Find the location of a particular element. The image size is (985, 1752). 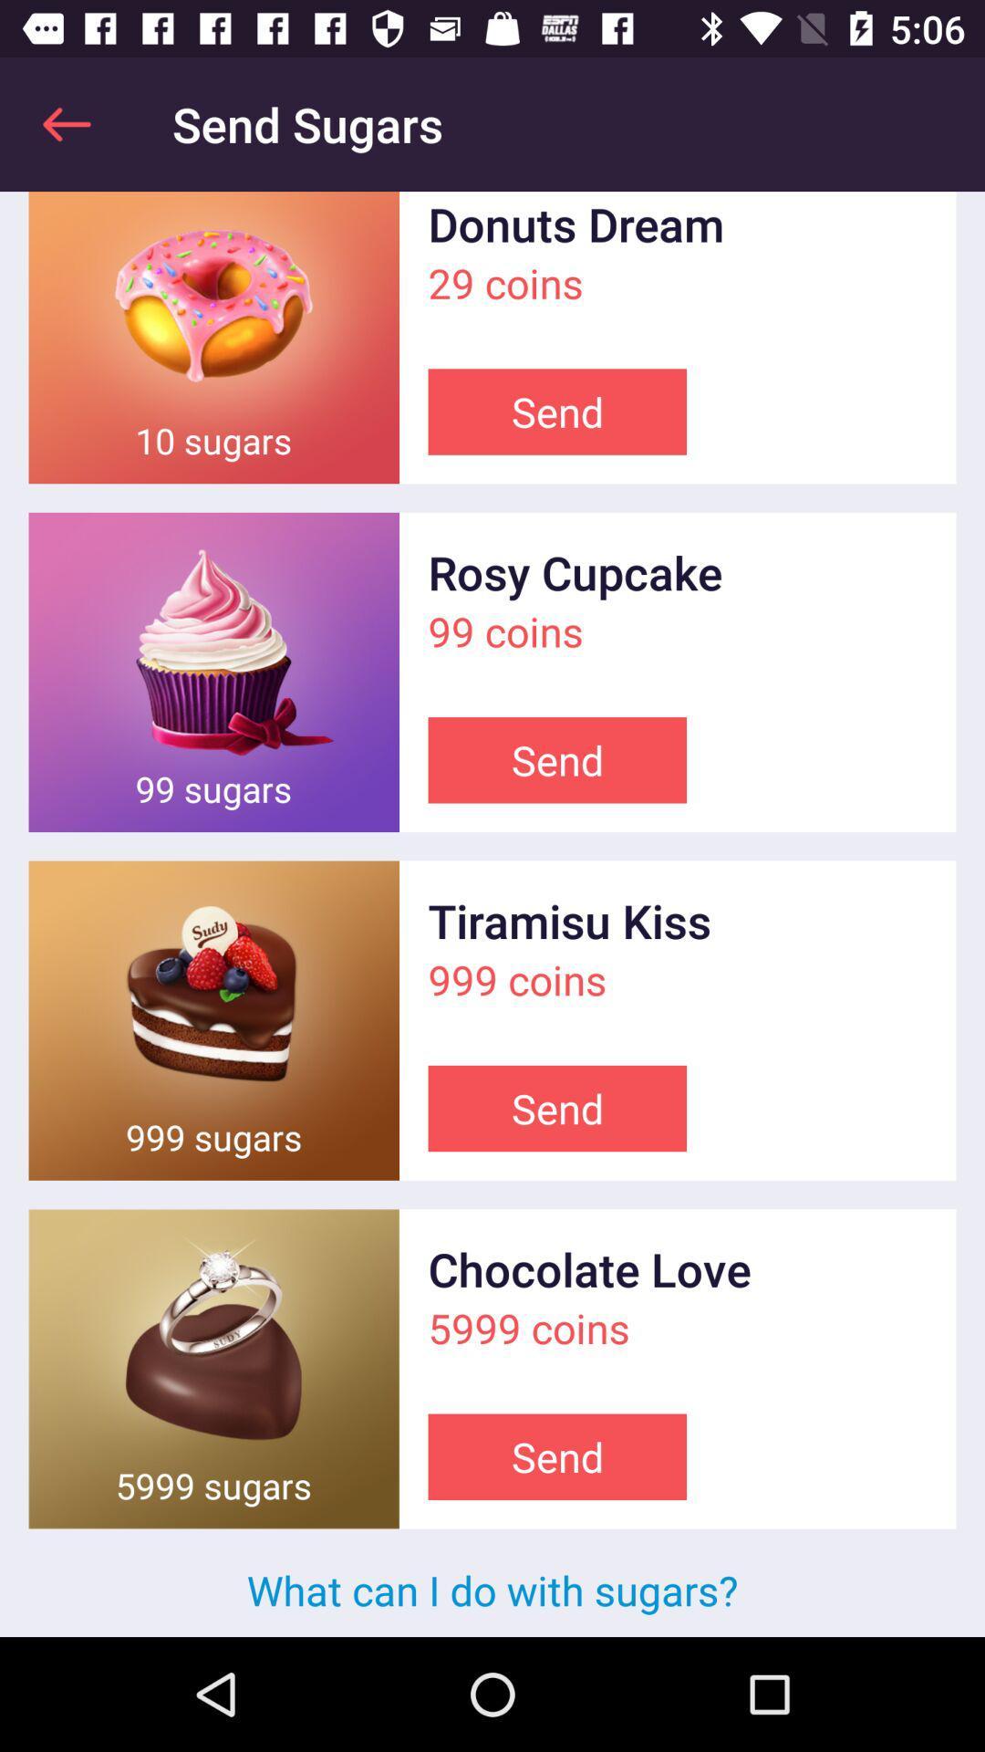

maximize the picture is located at coordinates (213, 1369).